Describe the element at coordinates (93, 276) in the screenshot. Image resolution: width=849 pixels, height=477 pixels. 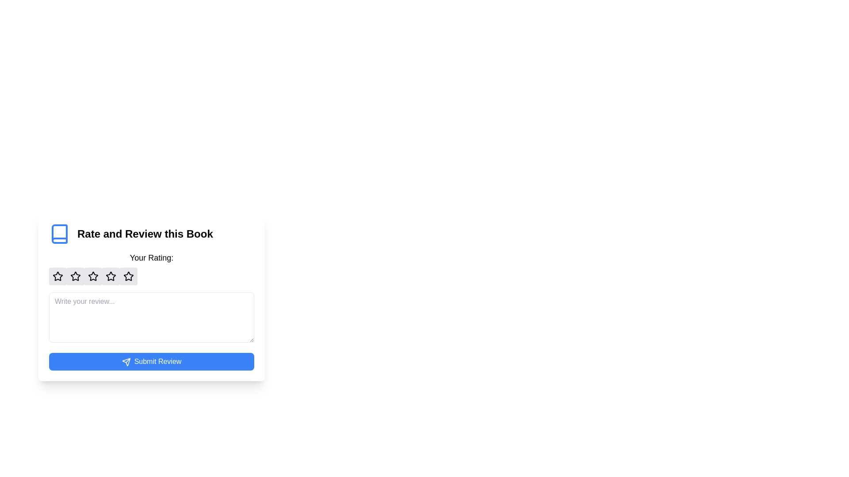
I see `the second star icon button, which is part of a row of five stars under the 'Your Rating:' label` at that location.